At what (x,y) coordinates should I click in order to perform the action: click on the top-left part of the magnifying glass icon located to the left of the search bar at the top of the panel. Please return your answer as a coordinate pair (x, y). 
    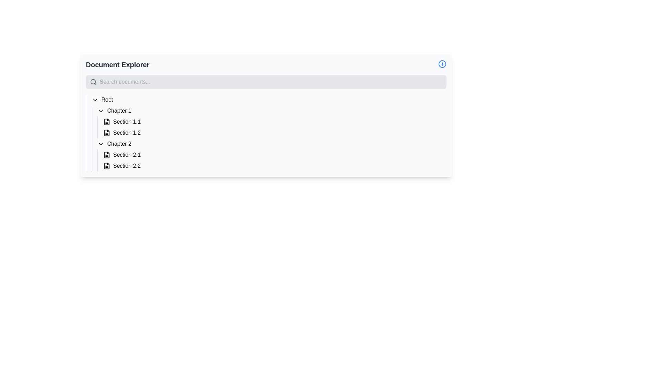
    Looking at the image, I should click on (93, 81).